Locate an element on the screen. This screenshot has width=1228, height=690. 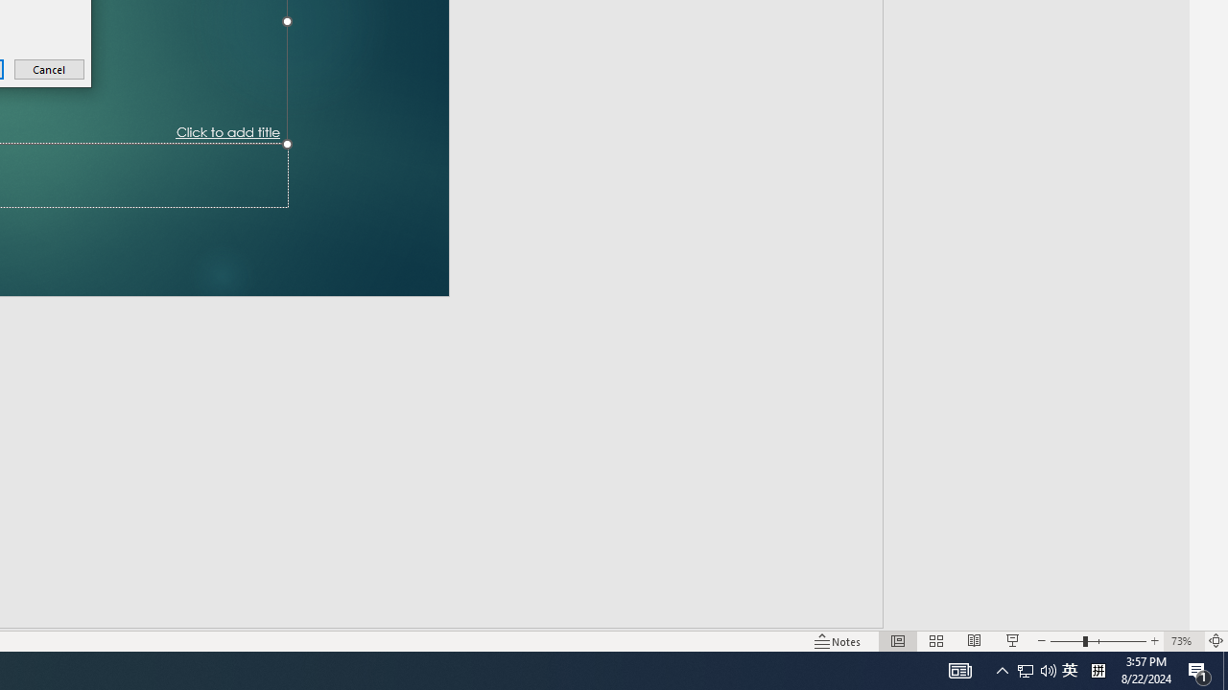
'User Promoted Notification Area' is located at coordinates (1025, 669).